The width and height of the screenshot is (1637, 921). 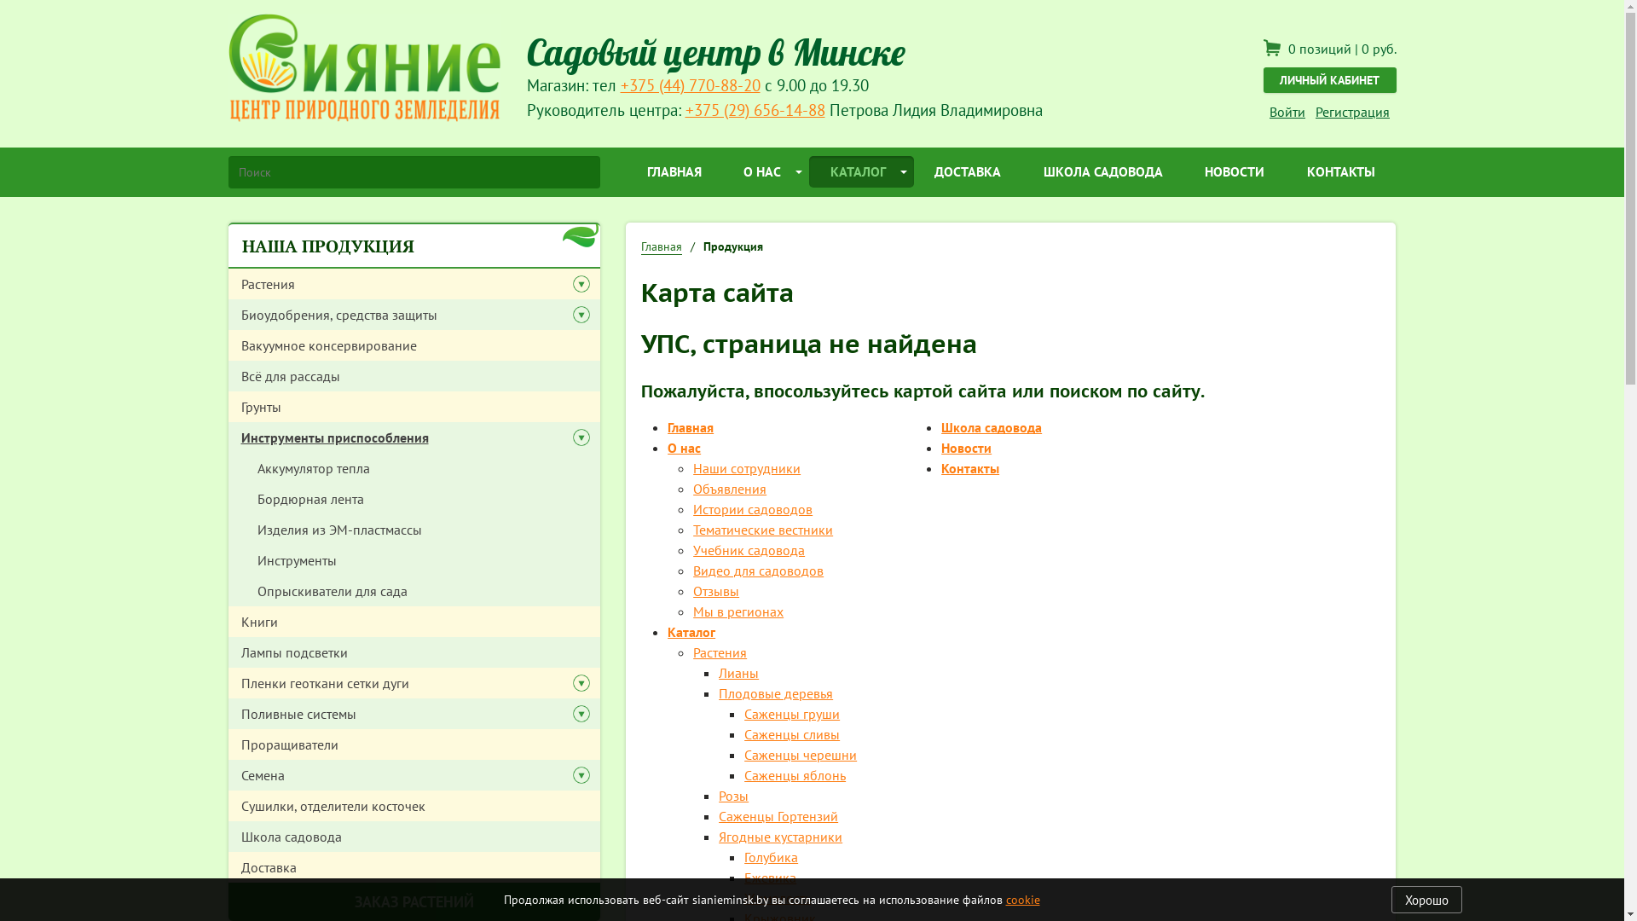 I want to click on '+375 (29) 656-14-88', so click(x=755, y=109).